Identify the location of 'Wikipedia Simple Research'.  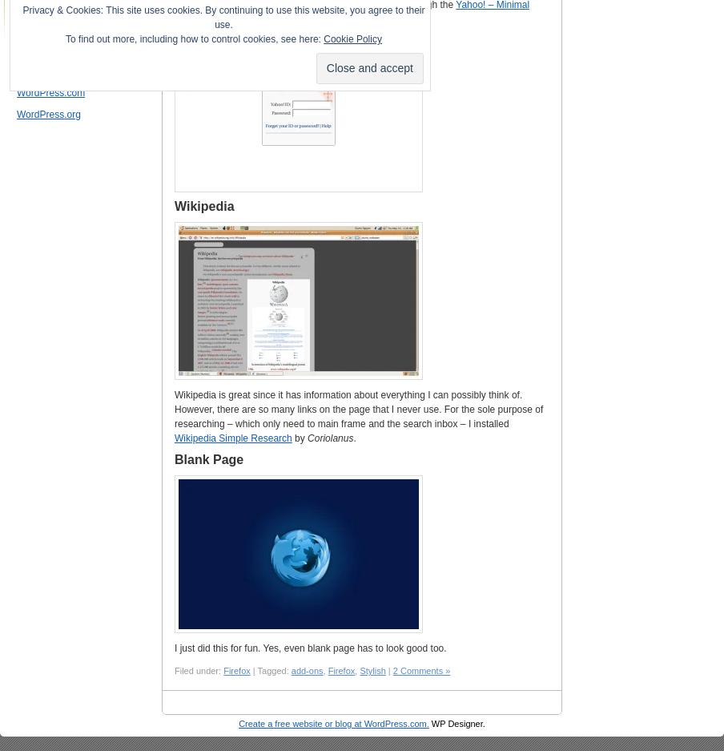
(232, 438).